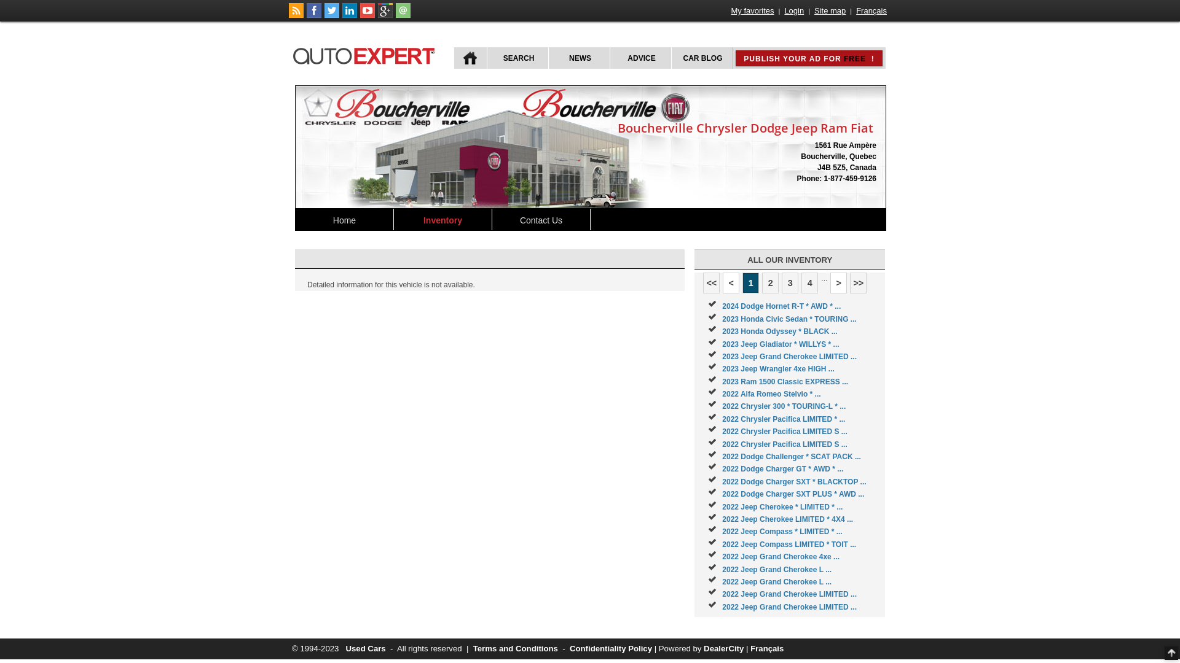 Image resolution: width=1180 pixels, height=663 pixels. I want to click on '1', so click(750, 283).